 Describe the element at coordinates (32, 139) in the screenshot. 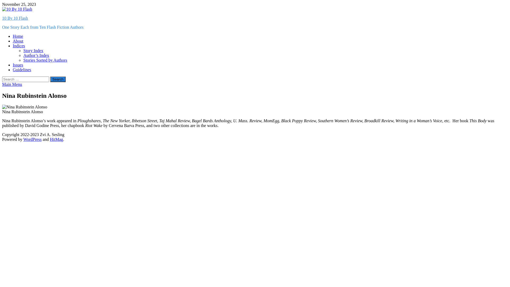

I see `'WordPress'` at that location.